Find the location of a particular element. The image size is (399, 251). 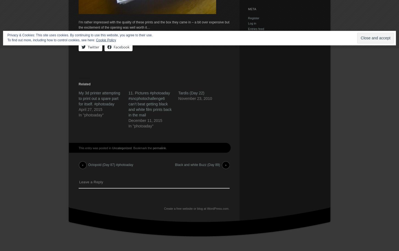

'Post navigation' is located at coordinates (95, 163).